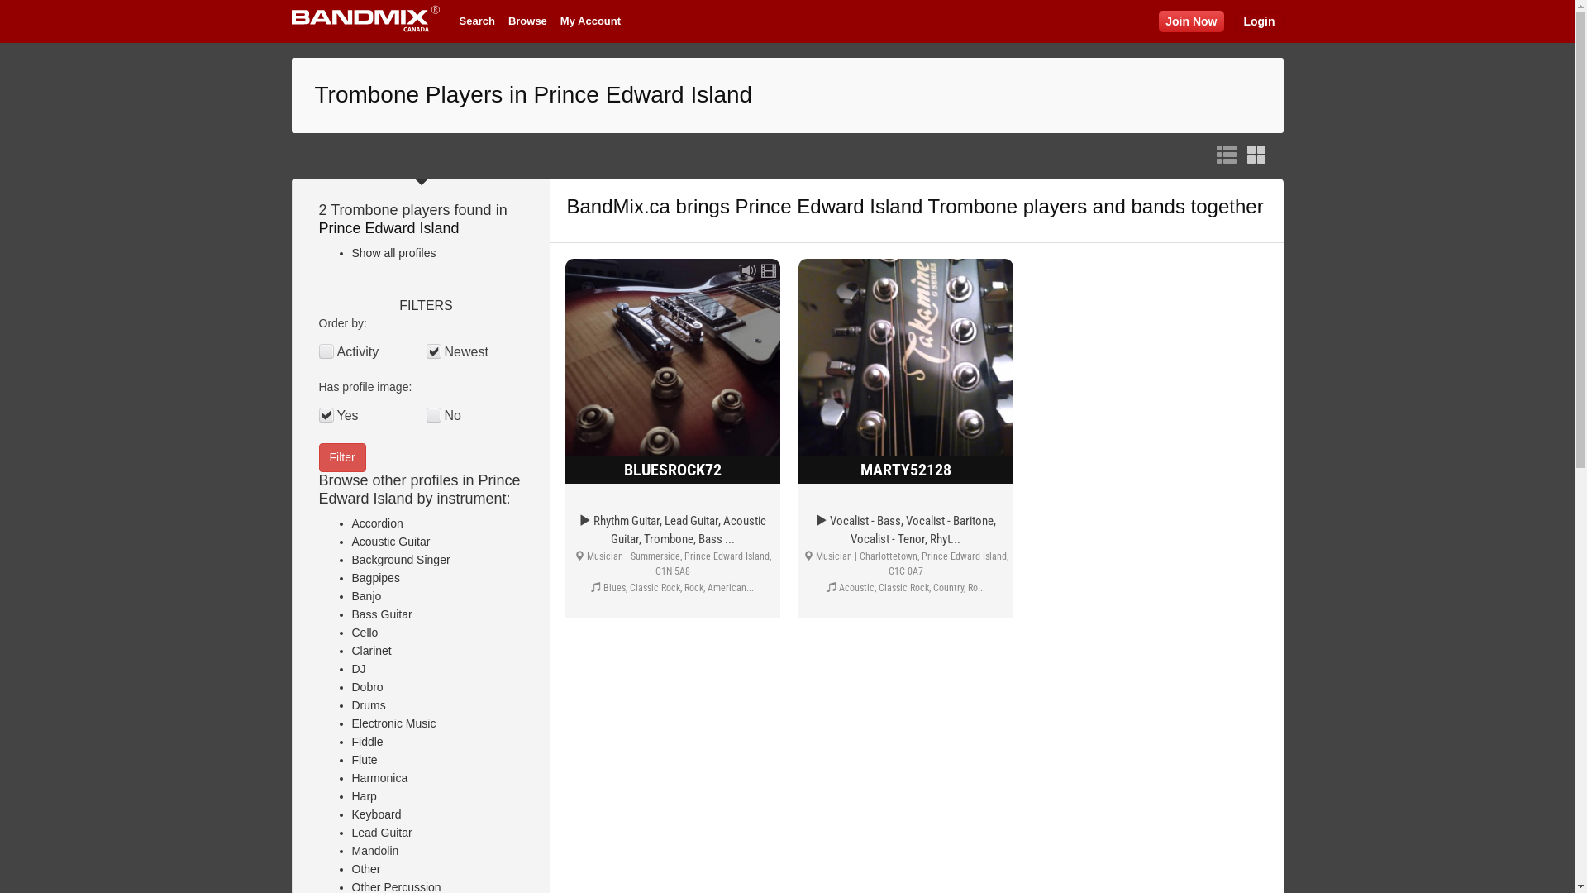 The image size is (1587, 893). What do you see at coordinates (376, 523) in the screenshot?
I see `'Accordion'` at bounding box center [376, 523].